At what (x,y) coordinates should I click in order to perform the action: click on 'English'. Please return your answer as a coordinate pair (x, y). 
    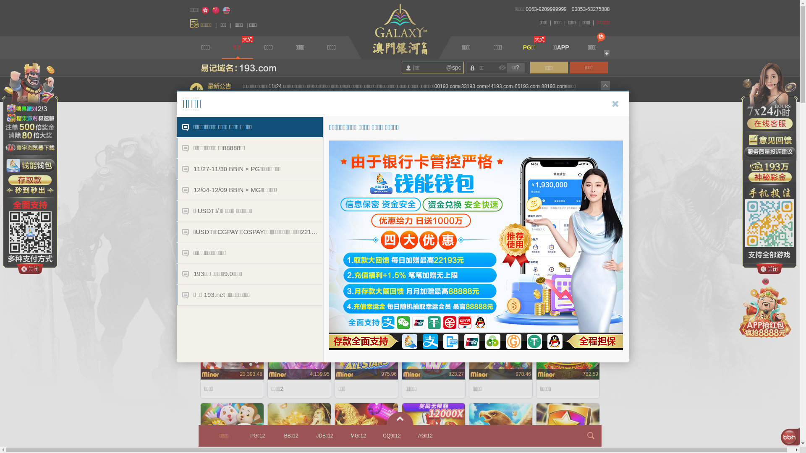
    Looking at the image, I should click on (222, 10).